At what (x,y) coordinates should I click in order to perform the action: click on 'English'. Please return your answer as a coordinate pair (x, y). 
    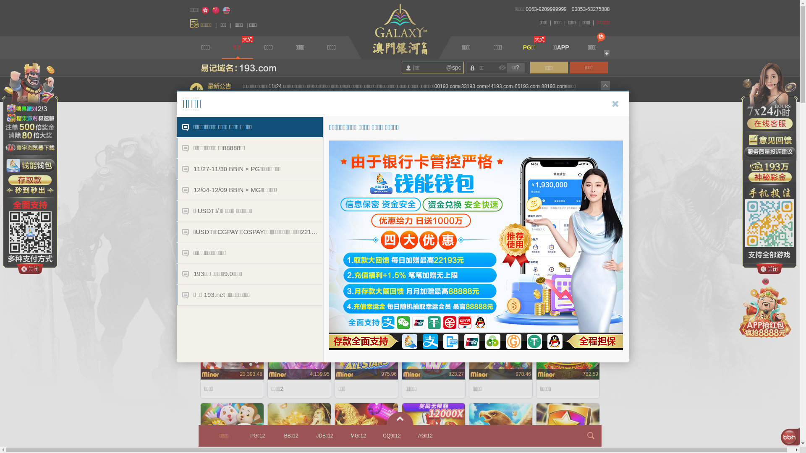
    Looking at the image, I should click on (222, 10).